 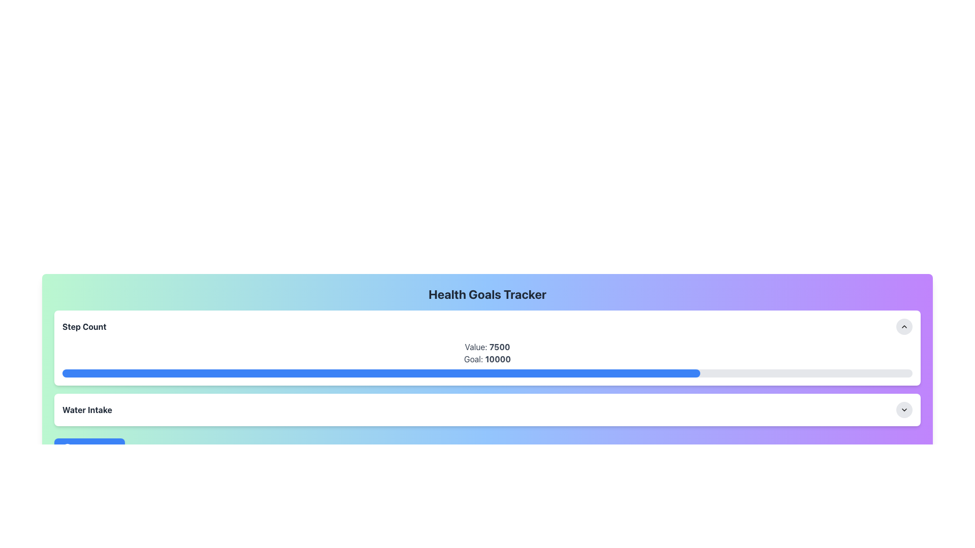 What do you see at coordinates (904, 409) in the screenshot?
I see `the chevron icon located in the circular gray button at the far-right end of the 'Water Intake' card` at bounding box center [904, 409].